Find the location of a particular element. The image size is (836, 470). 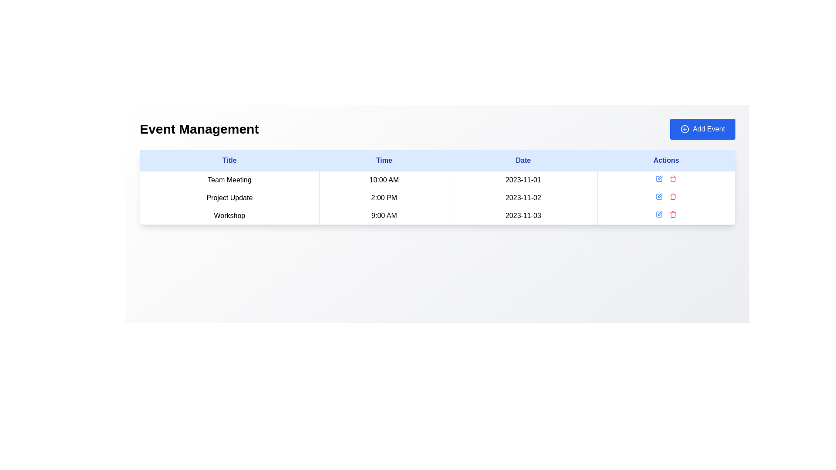

the delete button located in the Actions column of the second row in the table is located at coordinates (673, 178).